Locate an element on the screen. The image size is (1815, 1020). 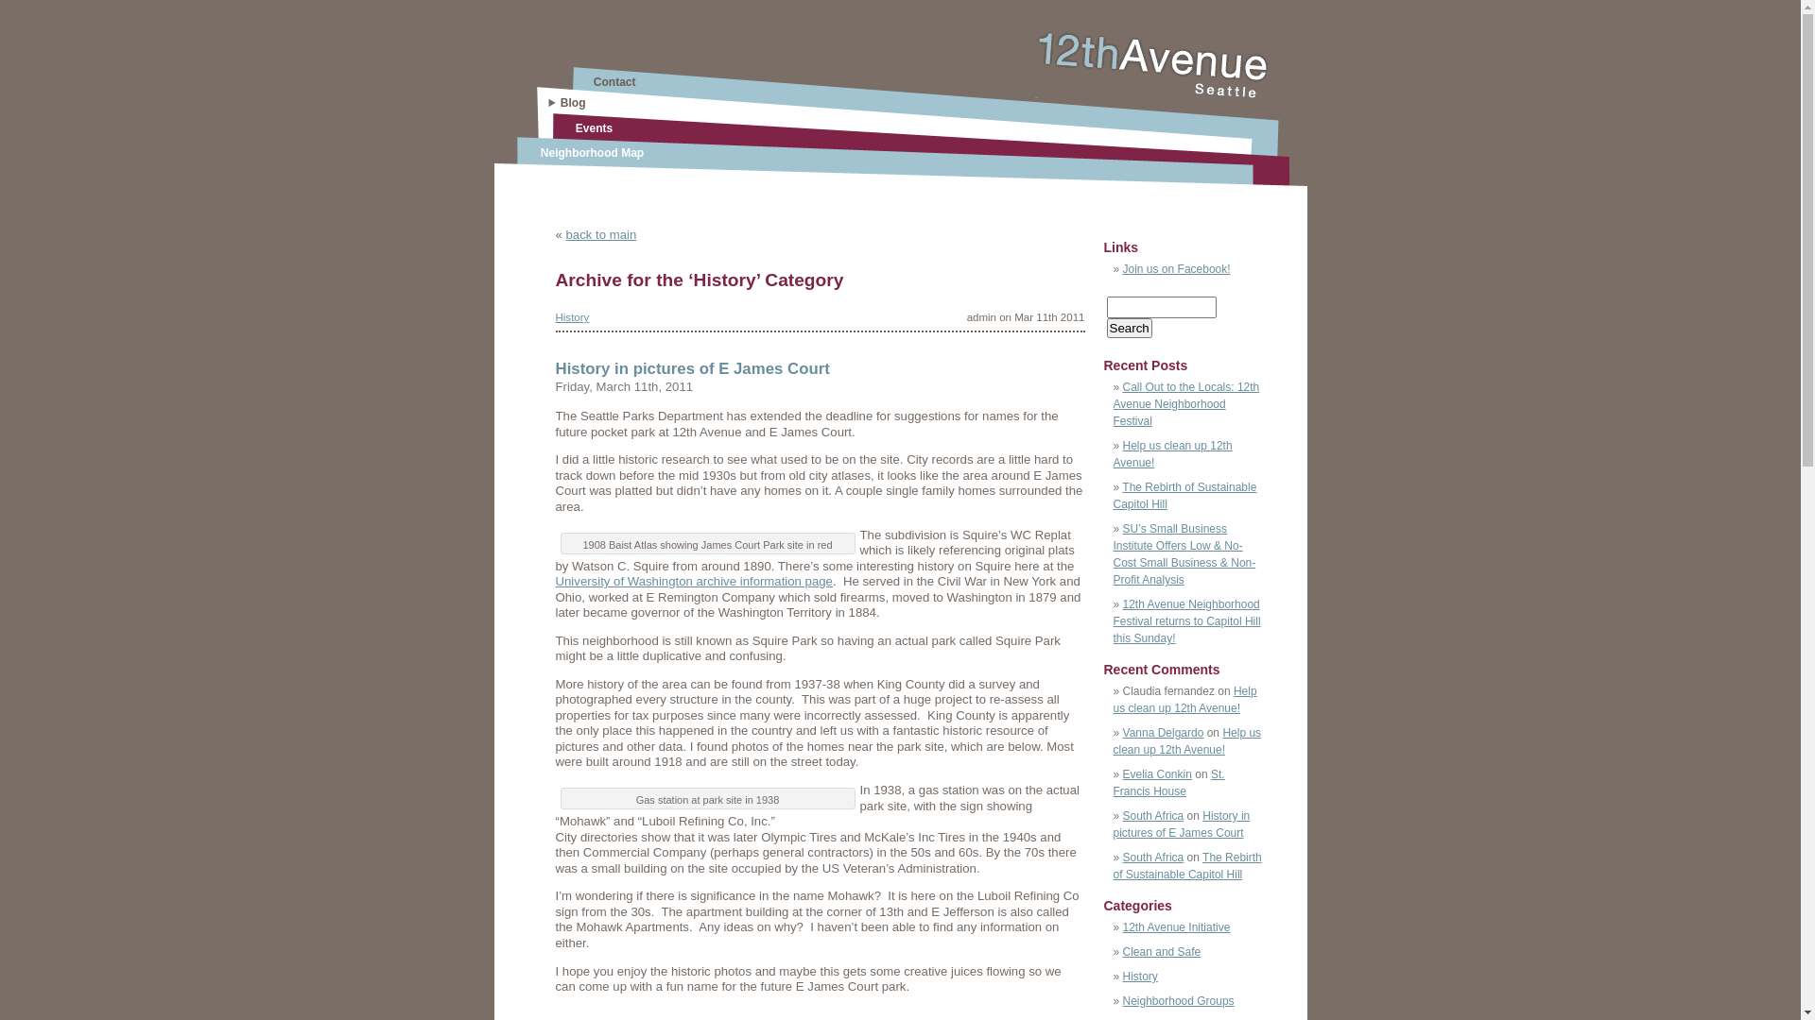
'History in pictures of E James Court' is located at coordinates (692, 368).